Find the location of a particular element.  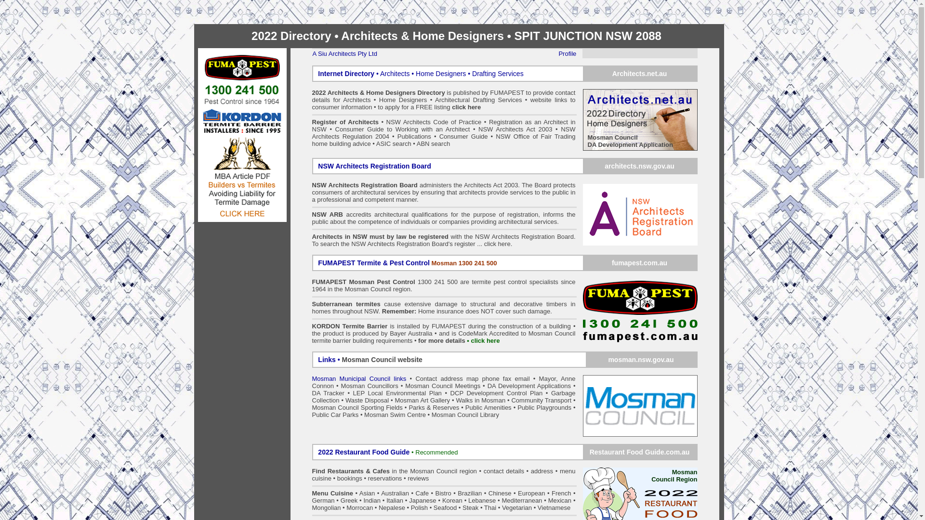

'Subterranean termites' is located at coordinates (346, 304).